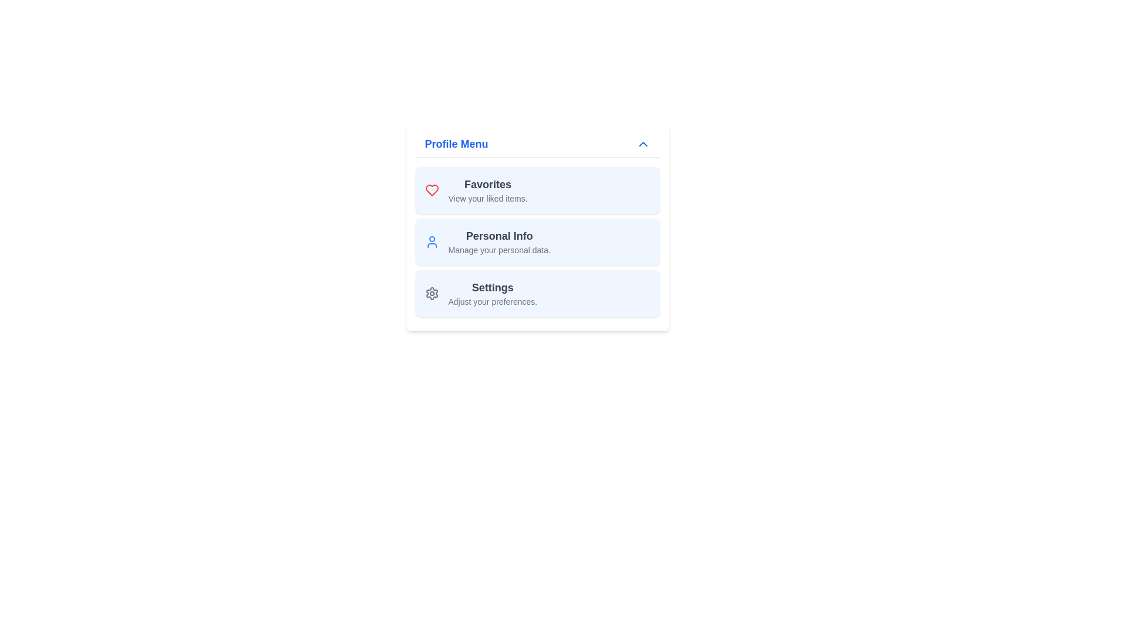 Image resolution: width=1126 pixels, height=633 pixels. I want to click on the menu item that manages personal information, positioned in the middle of the Profile Menu between 'Favorites' and 'Settings', so click(537, 241).